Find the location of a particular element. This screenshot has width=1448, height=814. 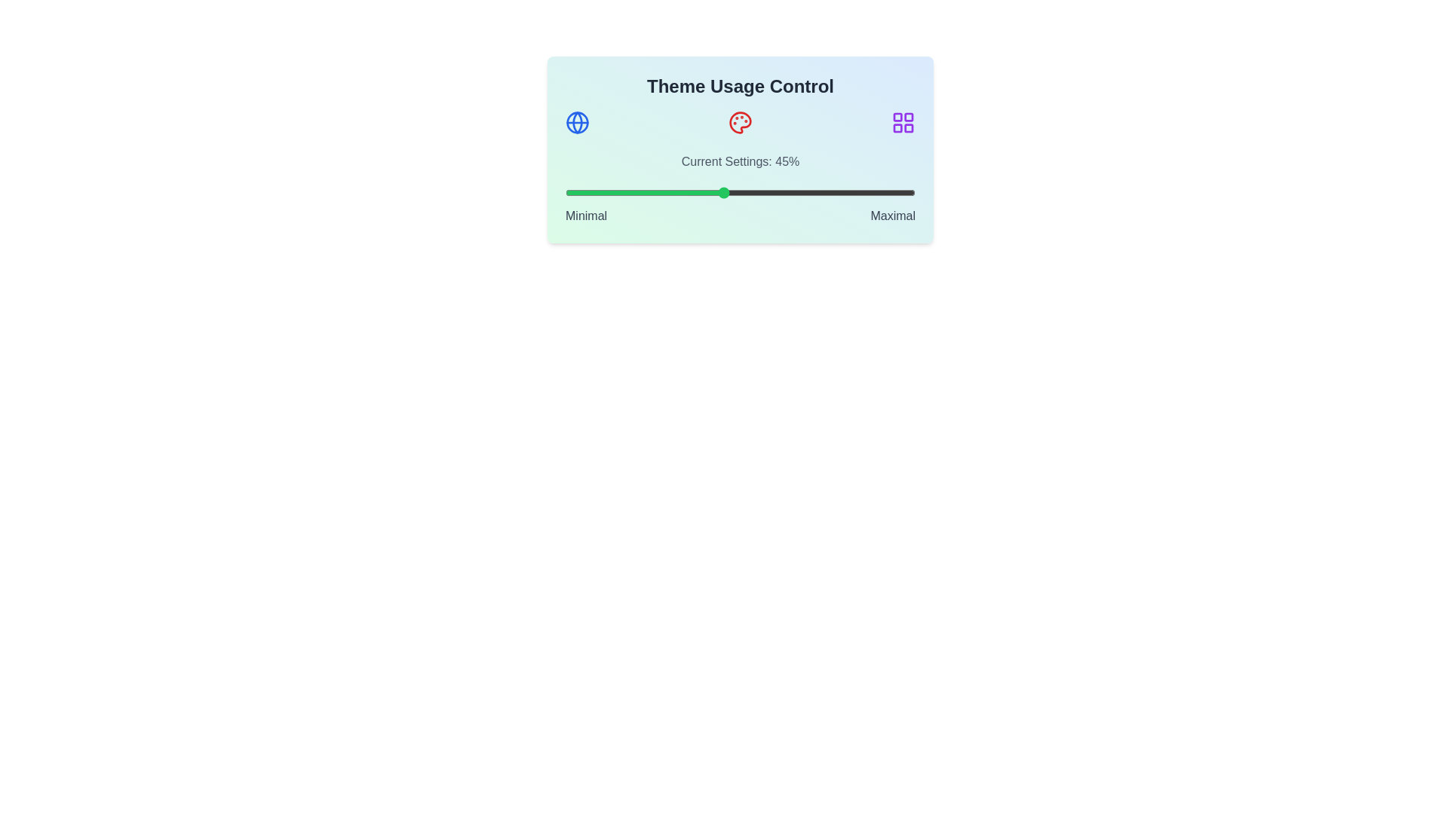

the slider to set the theme usage percentage to 94 is located at coordinates (894, 191).